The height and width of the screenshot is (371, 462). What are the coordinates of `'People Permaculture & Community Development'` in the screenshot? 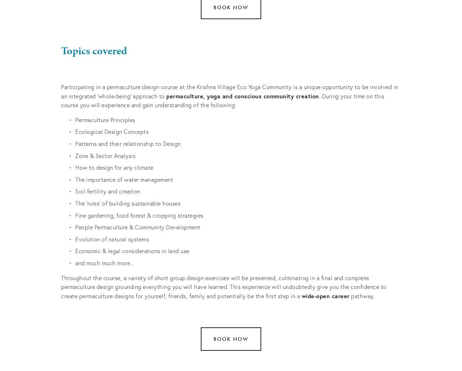 It's located at (138, 227).